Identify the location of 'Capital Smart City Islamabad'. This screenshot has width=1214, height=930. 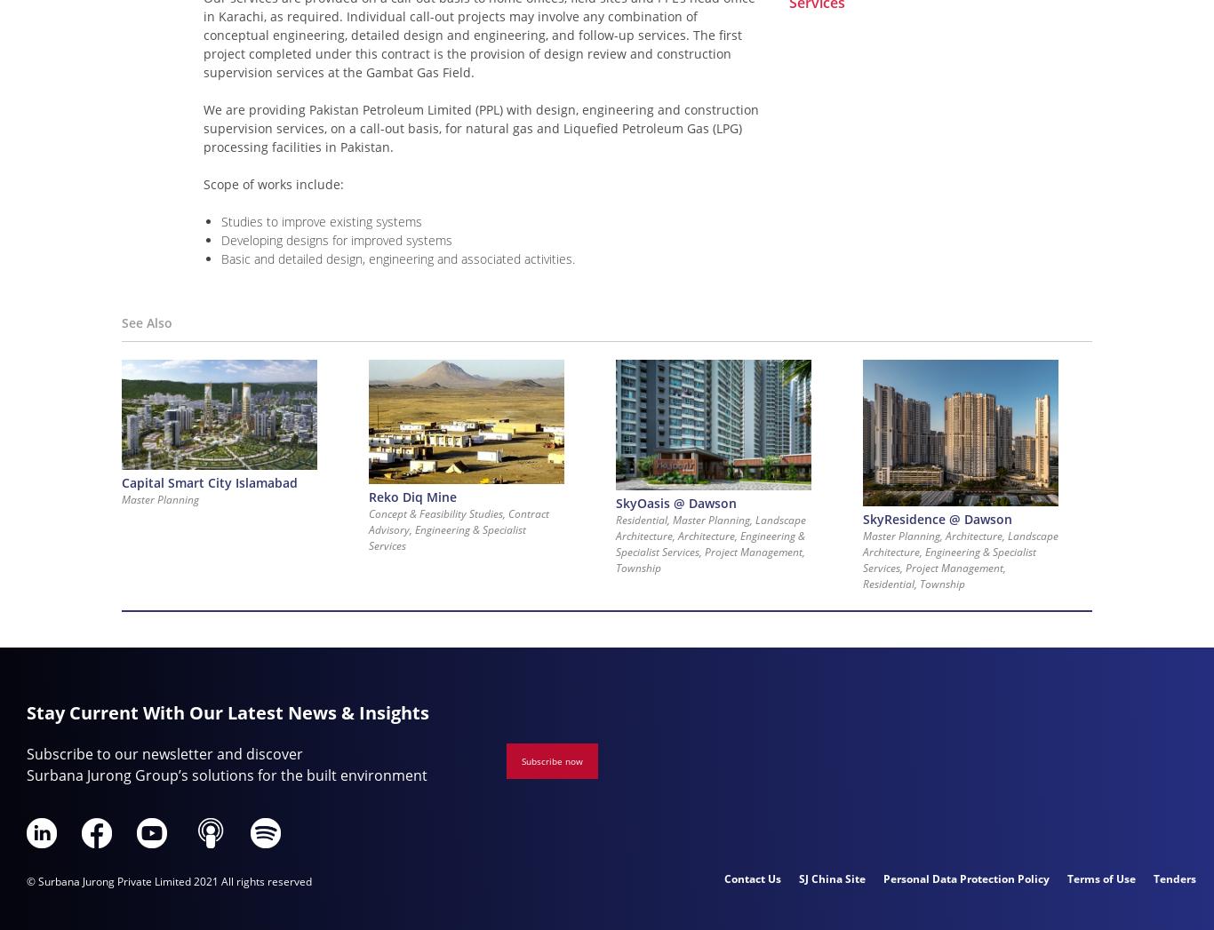
(208, 481).